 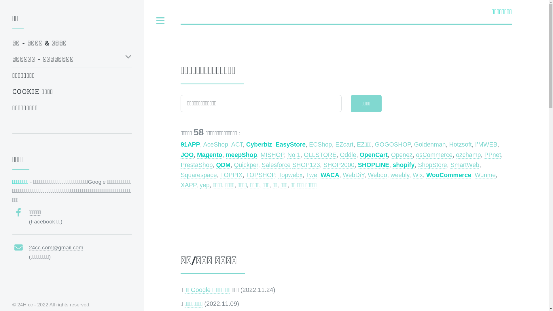 I want to click on 'Salesforce', so click(x=276, y=165).